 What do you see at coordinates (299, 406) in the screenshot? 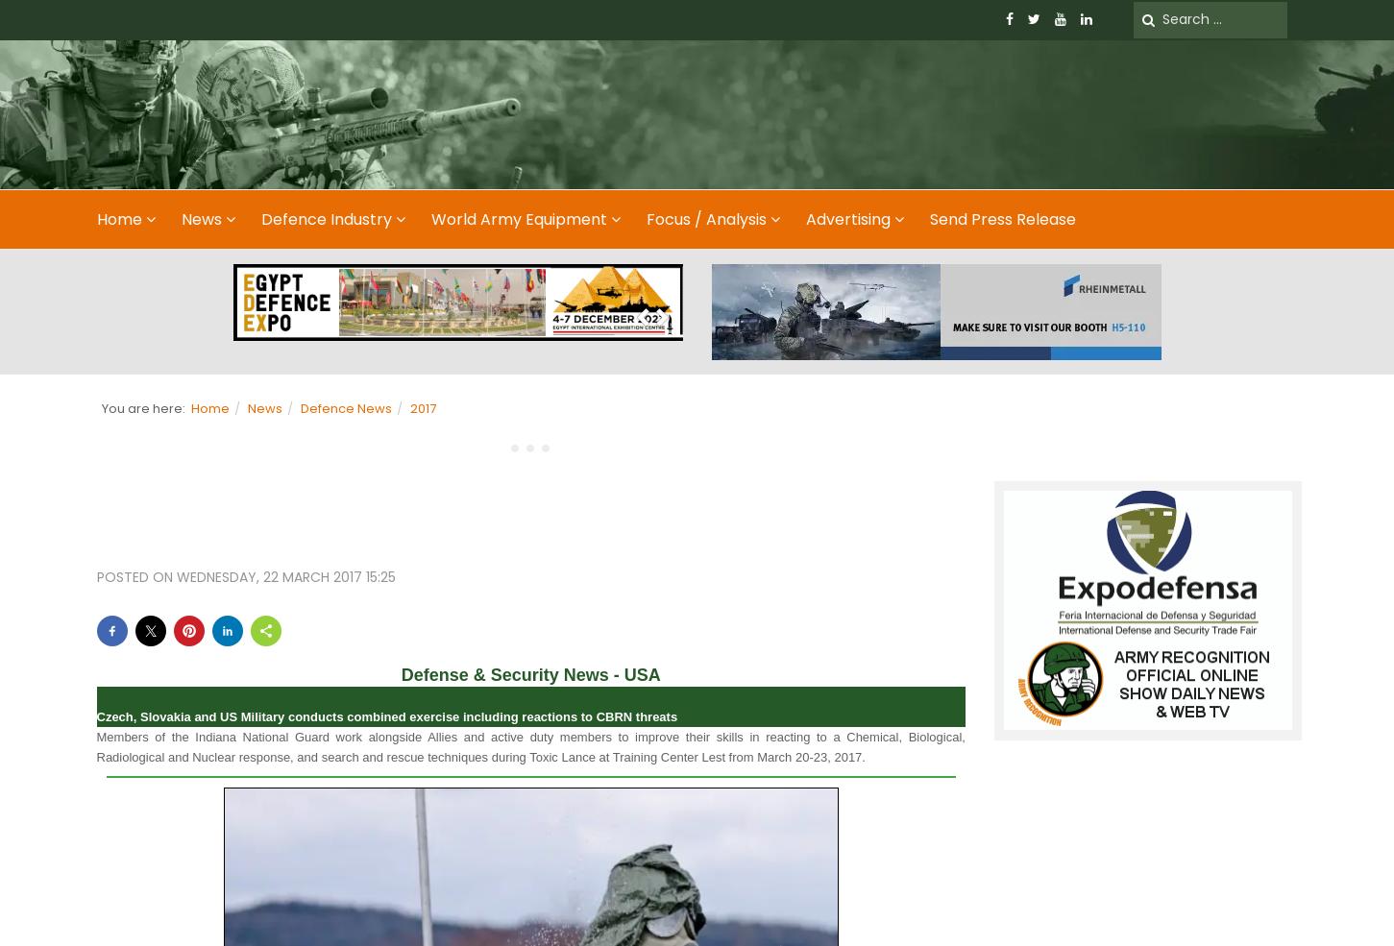
I see `'Defence News'` at bounding box center [299, 406].